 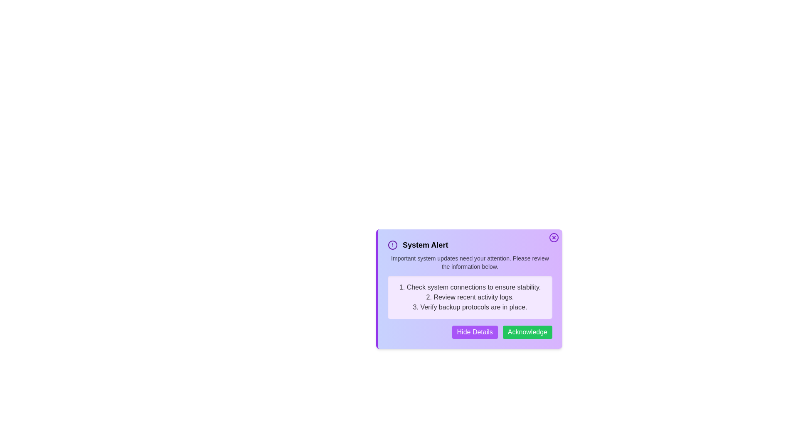 What do you see at coordinates (527, 332) in the screenshot?
I see `the 'Acknowledge' button to acknowledge the alert` at bounding box center [527, 332].